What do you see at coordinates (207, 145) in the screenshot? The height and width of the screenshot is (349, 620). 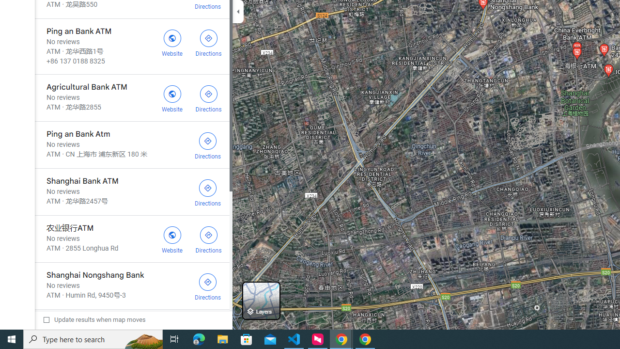 I see `'Get directions to Ping an Bank Atm'` at bounding box center [207, 145].